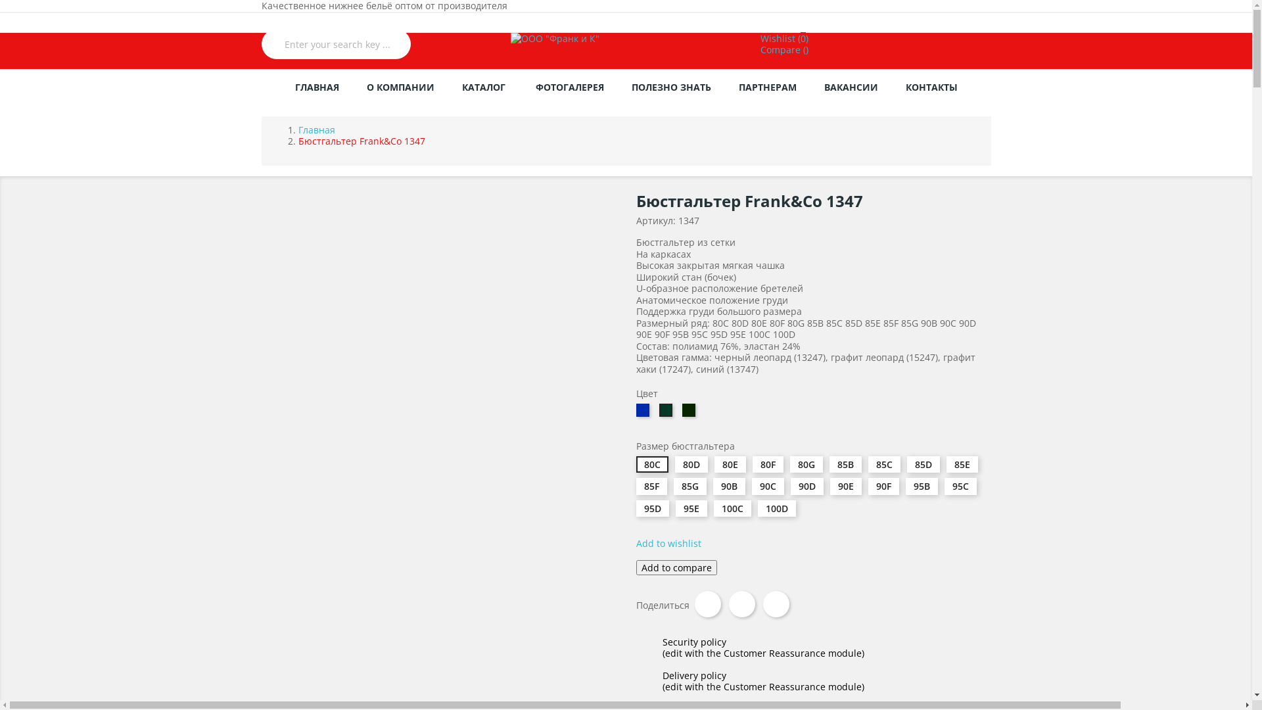 The width and height of the screenshot is (1262, 710). I want to click on 'Add to wishlist', so click(668, 543).